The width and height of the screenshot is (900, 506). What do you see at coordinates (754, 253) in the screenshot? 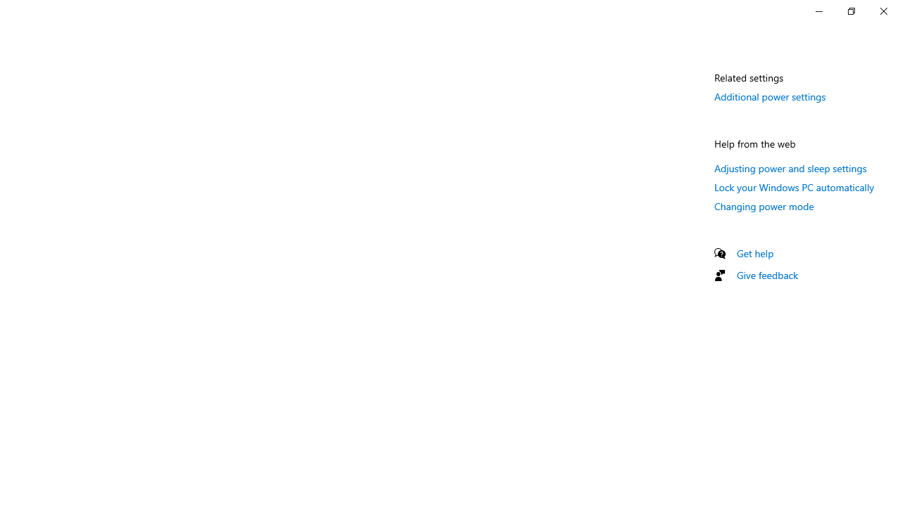
I see `'Get help'` at bounding box center [754, 253].